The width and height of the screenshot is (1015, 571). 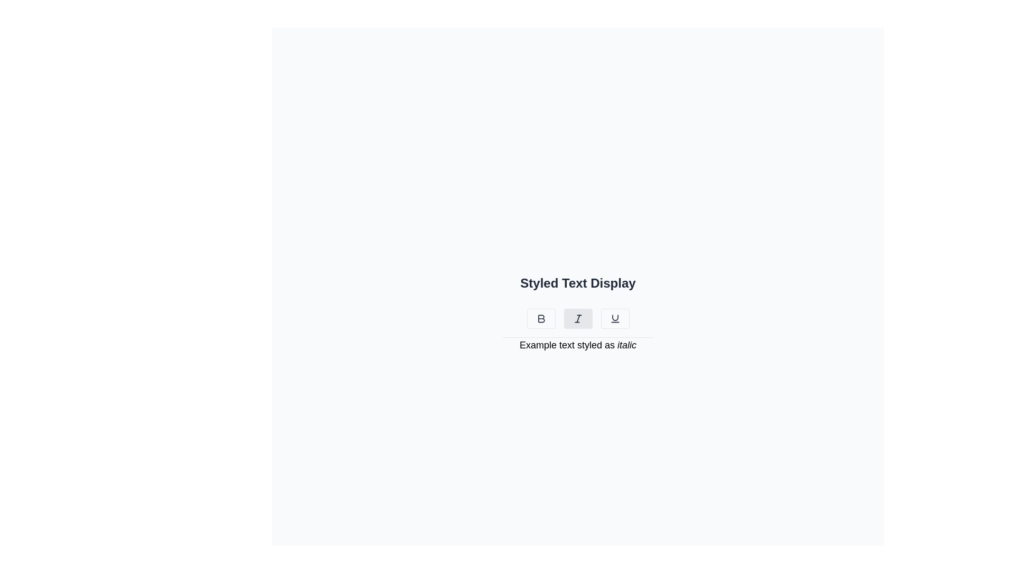 What do you see at coordinates (626, 345) in the screenshot?
I see `text element styled as 'italic', which is the last word in the sentence 'Example text styled as italic', located below the title 'Styled Text Display'` at bounding box center [626, 345].